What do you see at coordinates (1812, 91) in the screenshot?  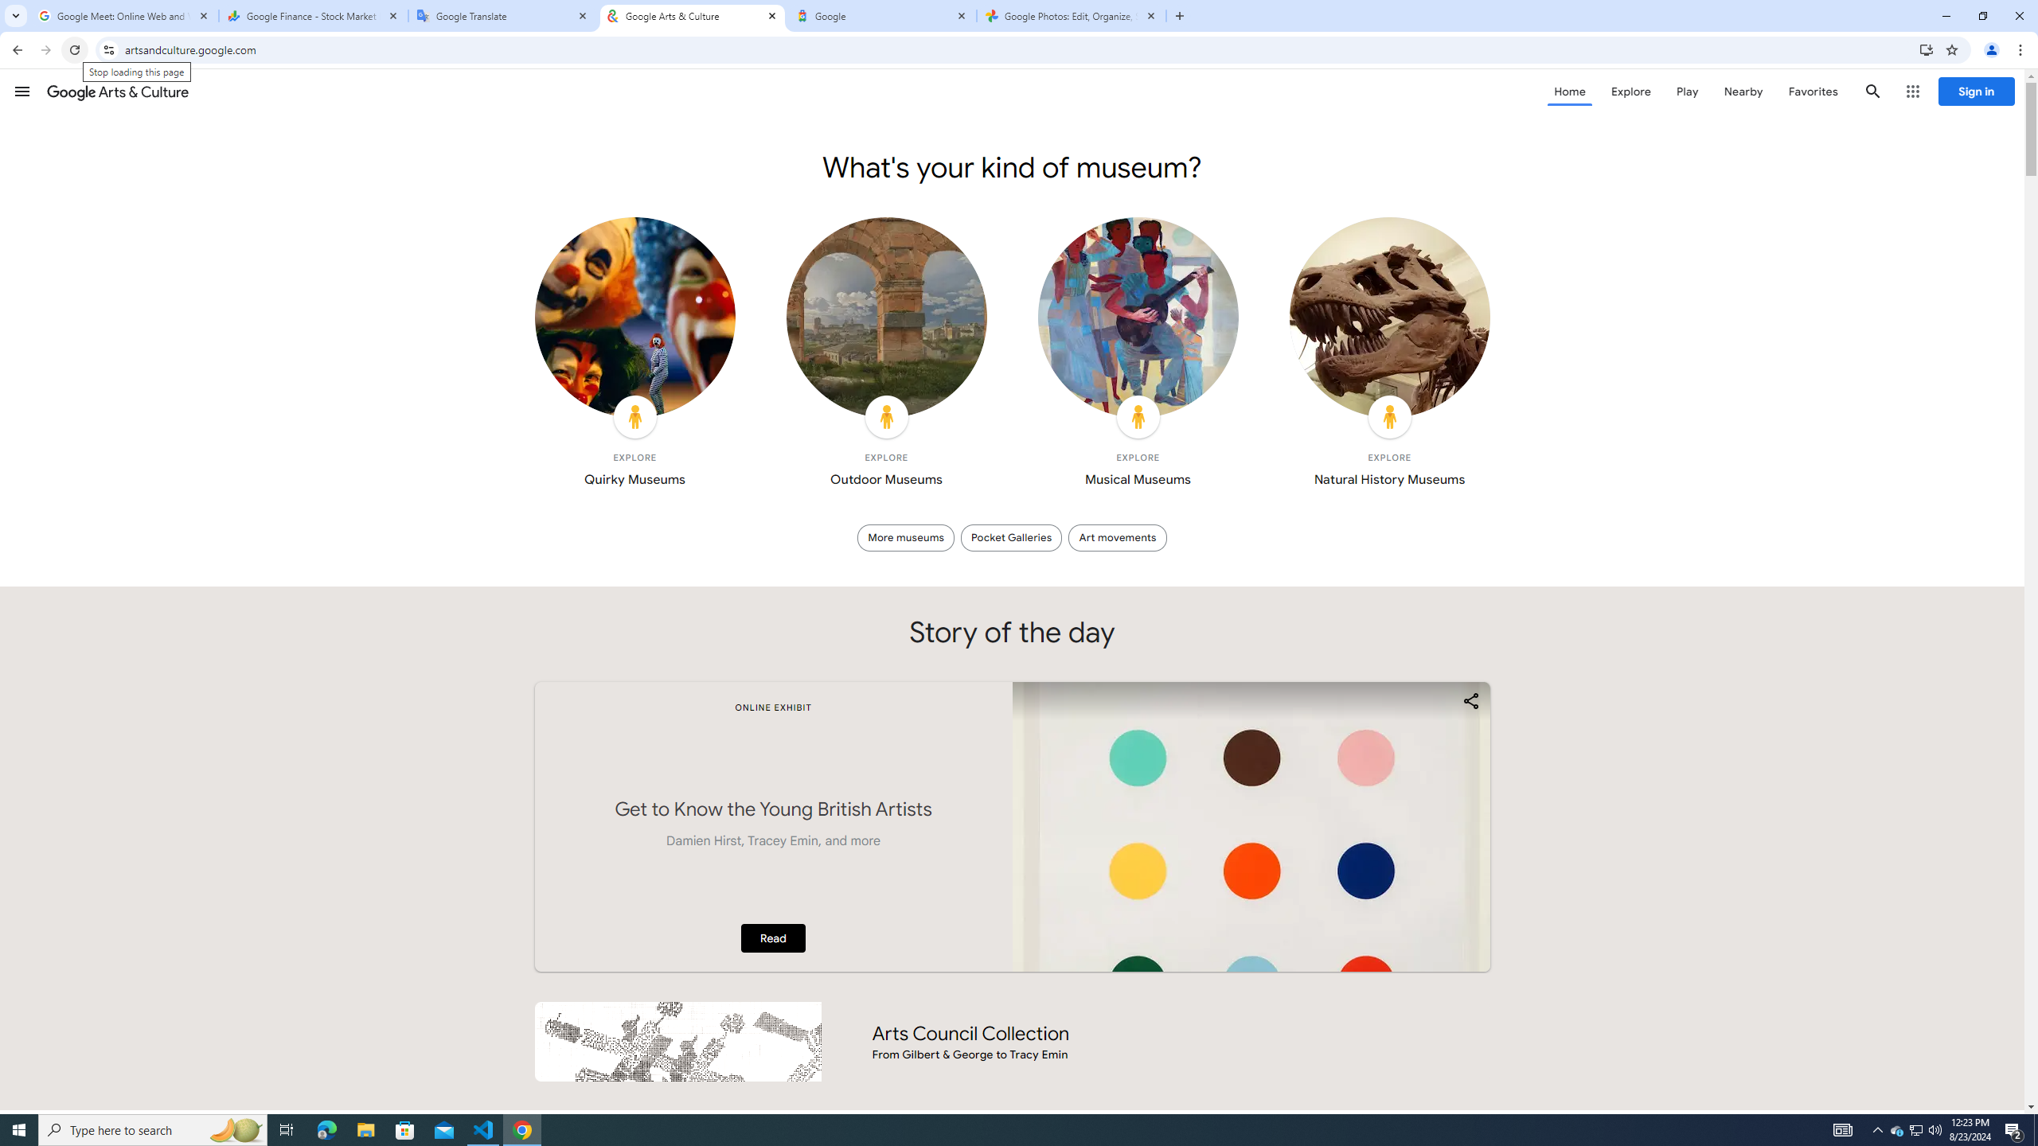 I see `'Favorites'` at bounding box center [1812, 91].